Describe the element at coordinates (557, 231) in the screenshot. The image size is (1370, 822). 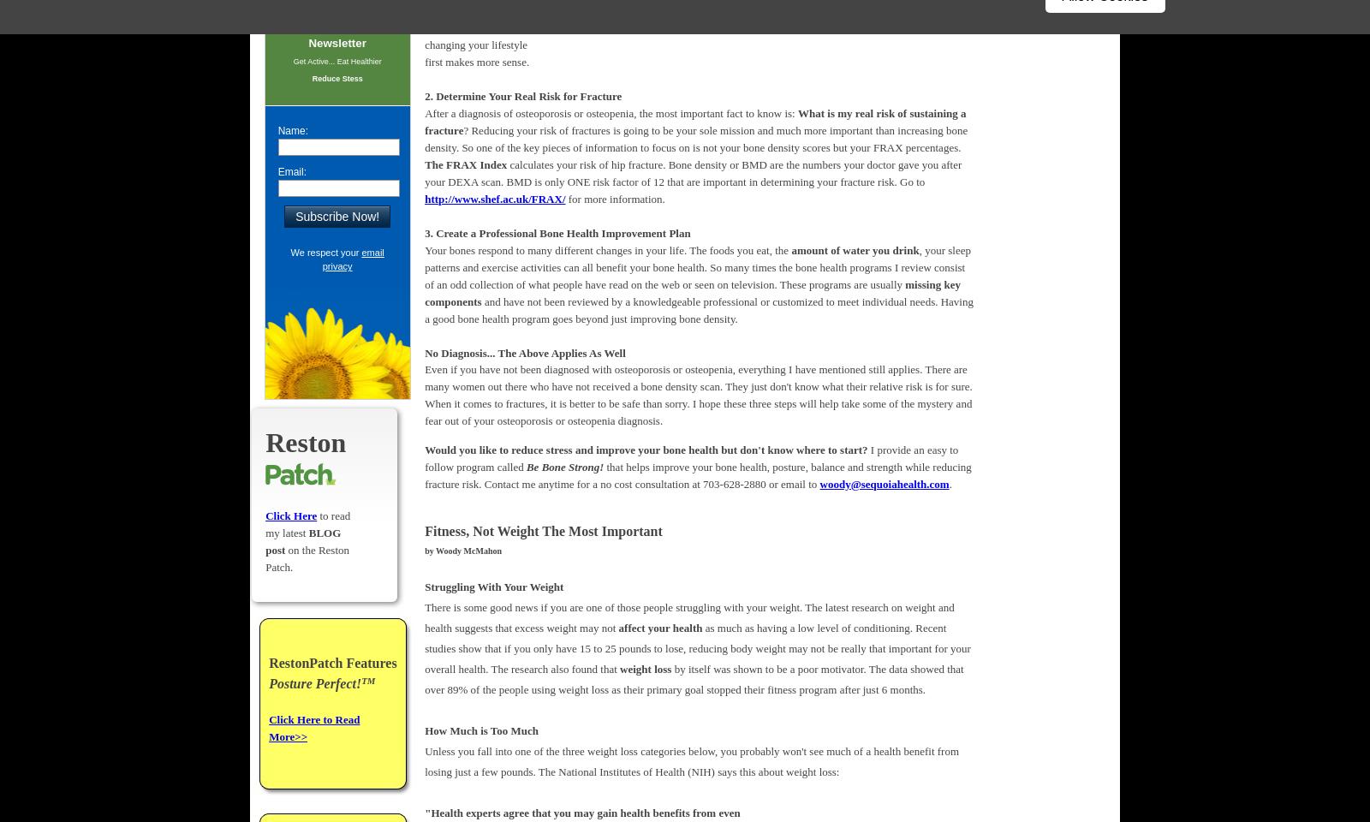
I see `'3. Create a Professional Bone Health Improvement Plan'` at that location.